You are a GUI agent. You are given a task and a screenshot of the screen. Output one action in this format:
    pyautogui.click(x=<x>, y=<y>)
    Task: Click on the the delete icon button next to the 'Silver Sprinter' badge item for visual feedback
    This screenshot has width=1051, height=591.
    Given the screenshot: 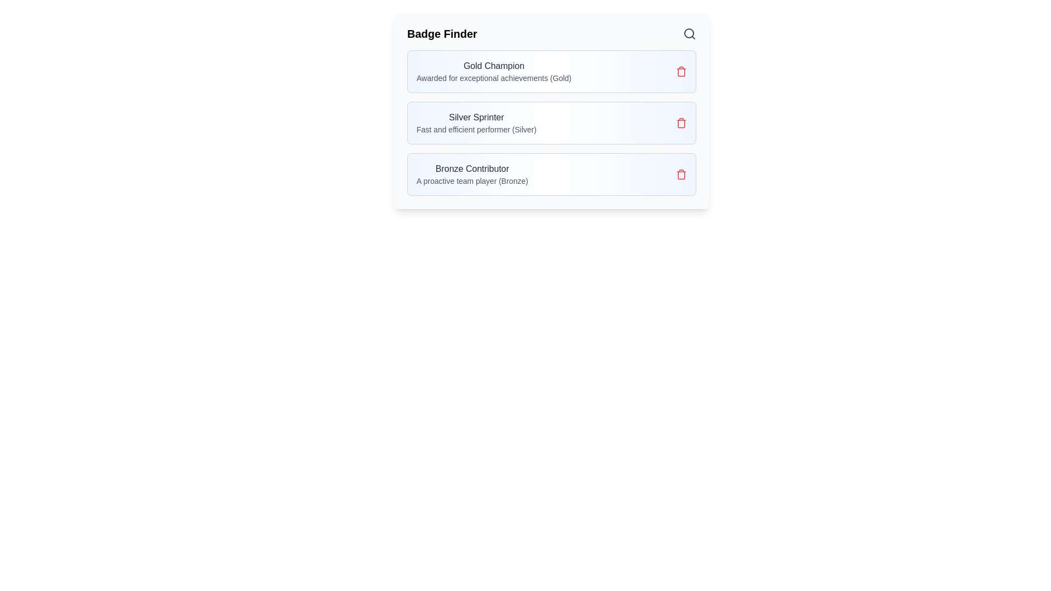 What is the action you would take?
    pyautogui.click(x=680, y=123)
    